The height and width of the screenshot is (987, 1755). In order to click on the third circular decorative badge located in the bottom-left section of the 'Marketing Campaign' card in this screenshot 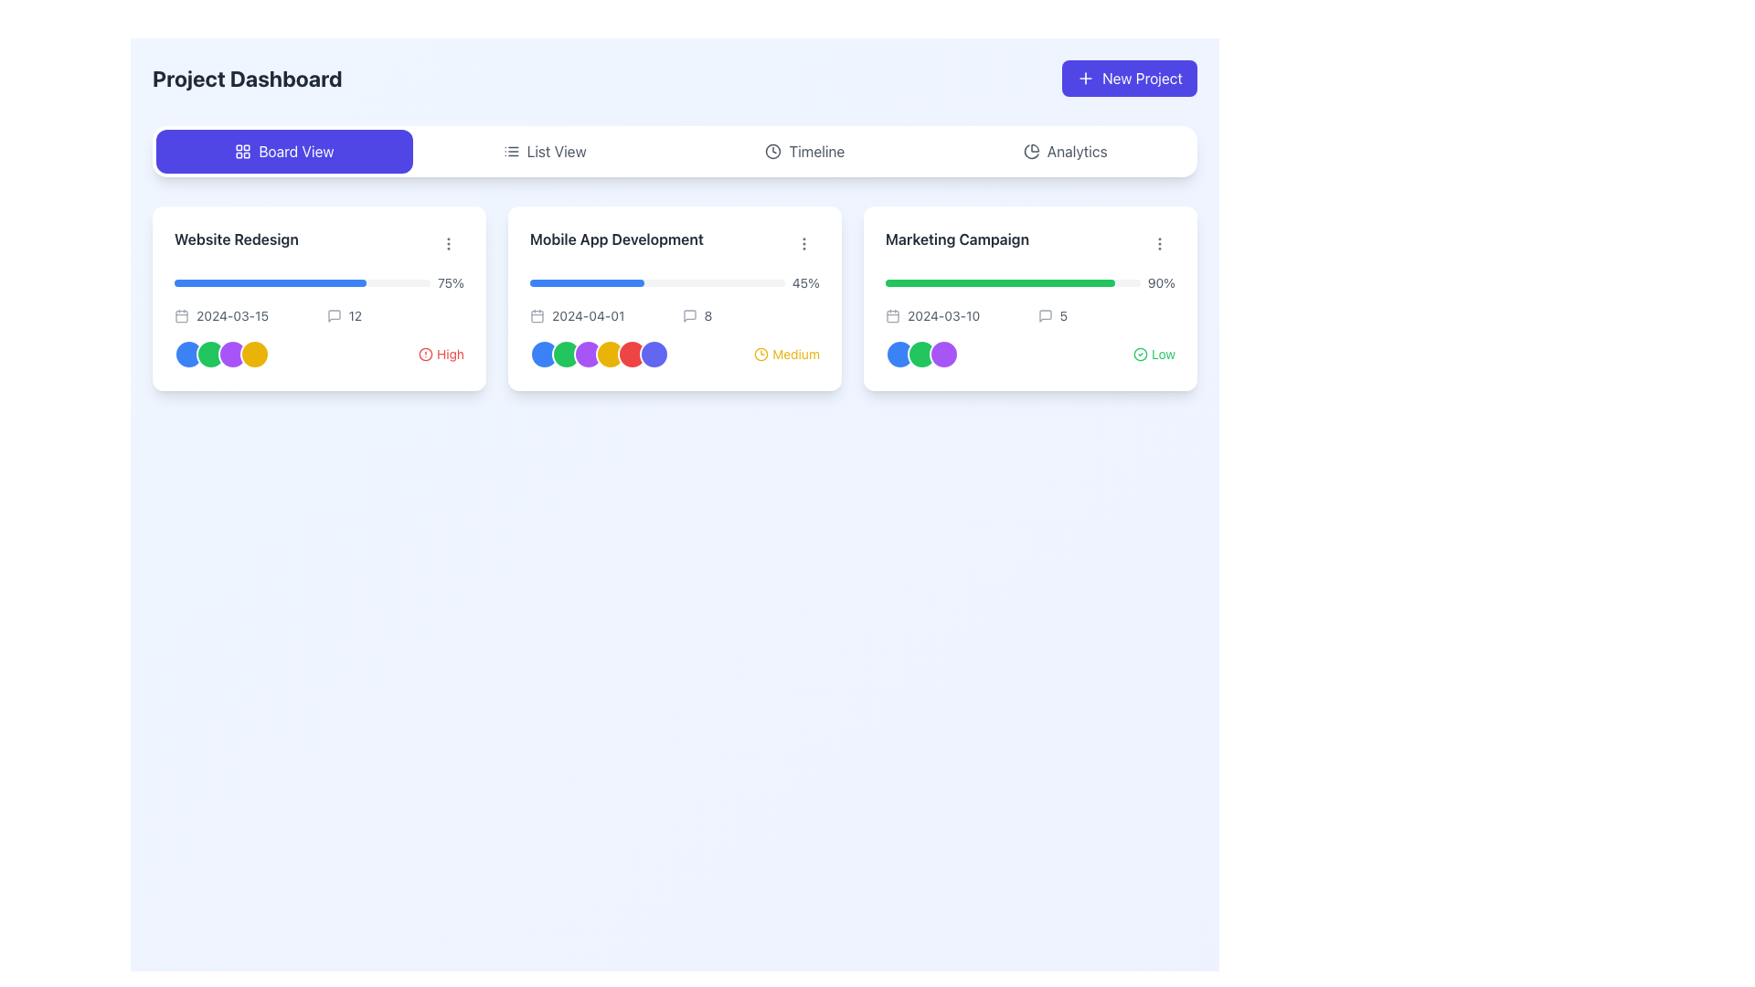, I will do `click(943, 355)`.